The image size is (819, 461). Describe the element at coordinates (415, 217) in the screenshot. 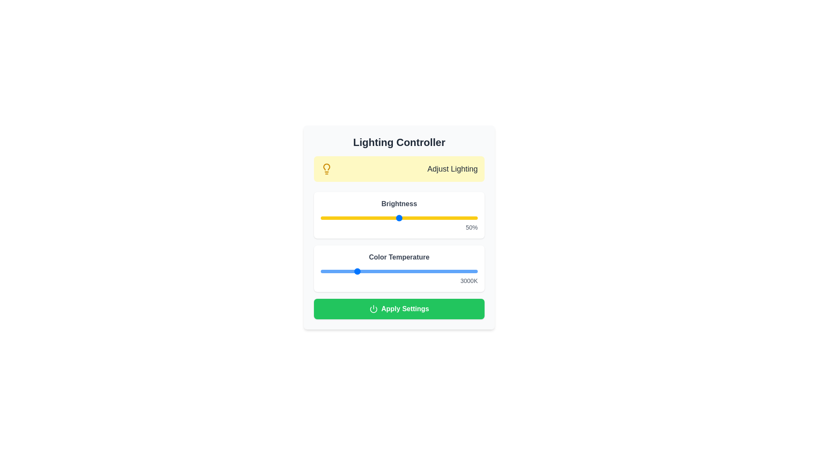

I see `the brightness slider to set the brightness level to 60` at that location.